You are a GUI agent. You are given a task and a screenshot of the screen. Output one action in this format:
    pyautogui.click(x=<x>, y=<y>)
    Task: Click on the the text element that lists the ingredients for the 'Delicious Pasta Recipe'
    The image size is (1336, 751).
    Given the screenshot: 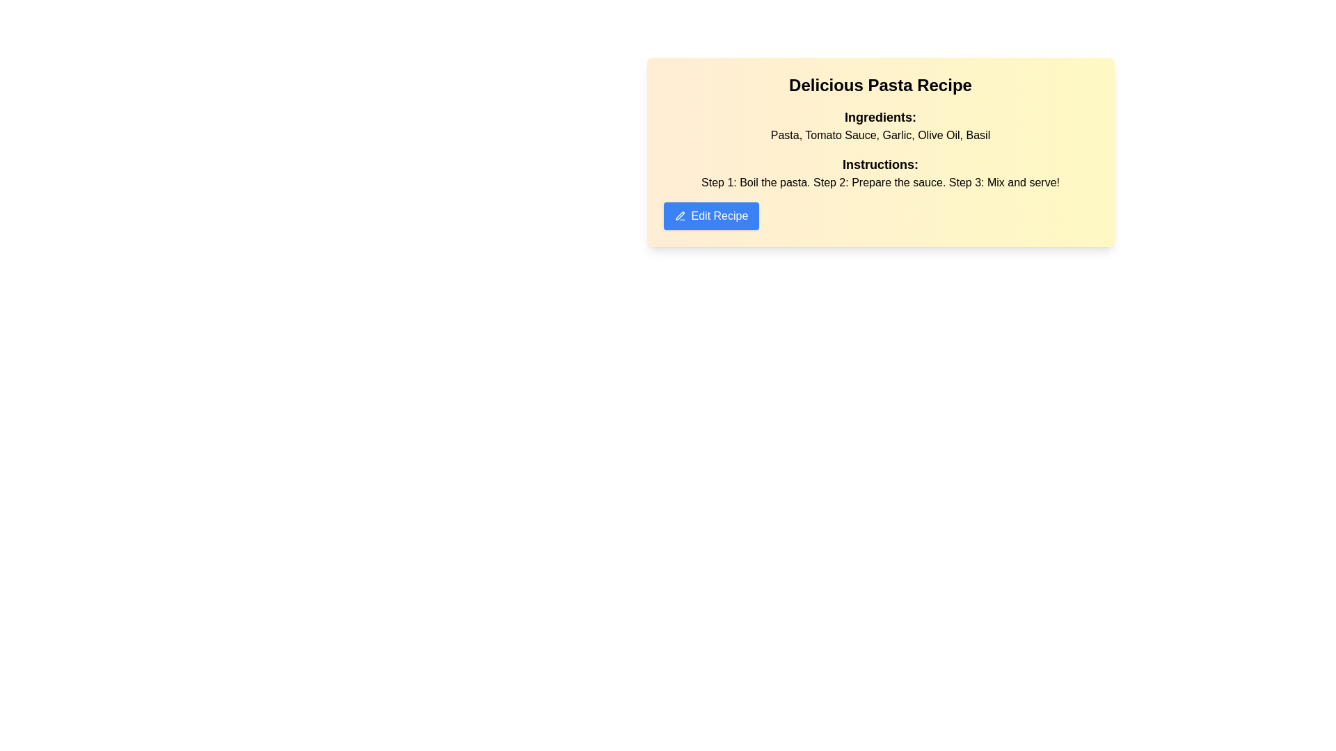 What is the action you would take?
    pyautogui.click(x=880, y=126)
    